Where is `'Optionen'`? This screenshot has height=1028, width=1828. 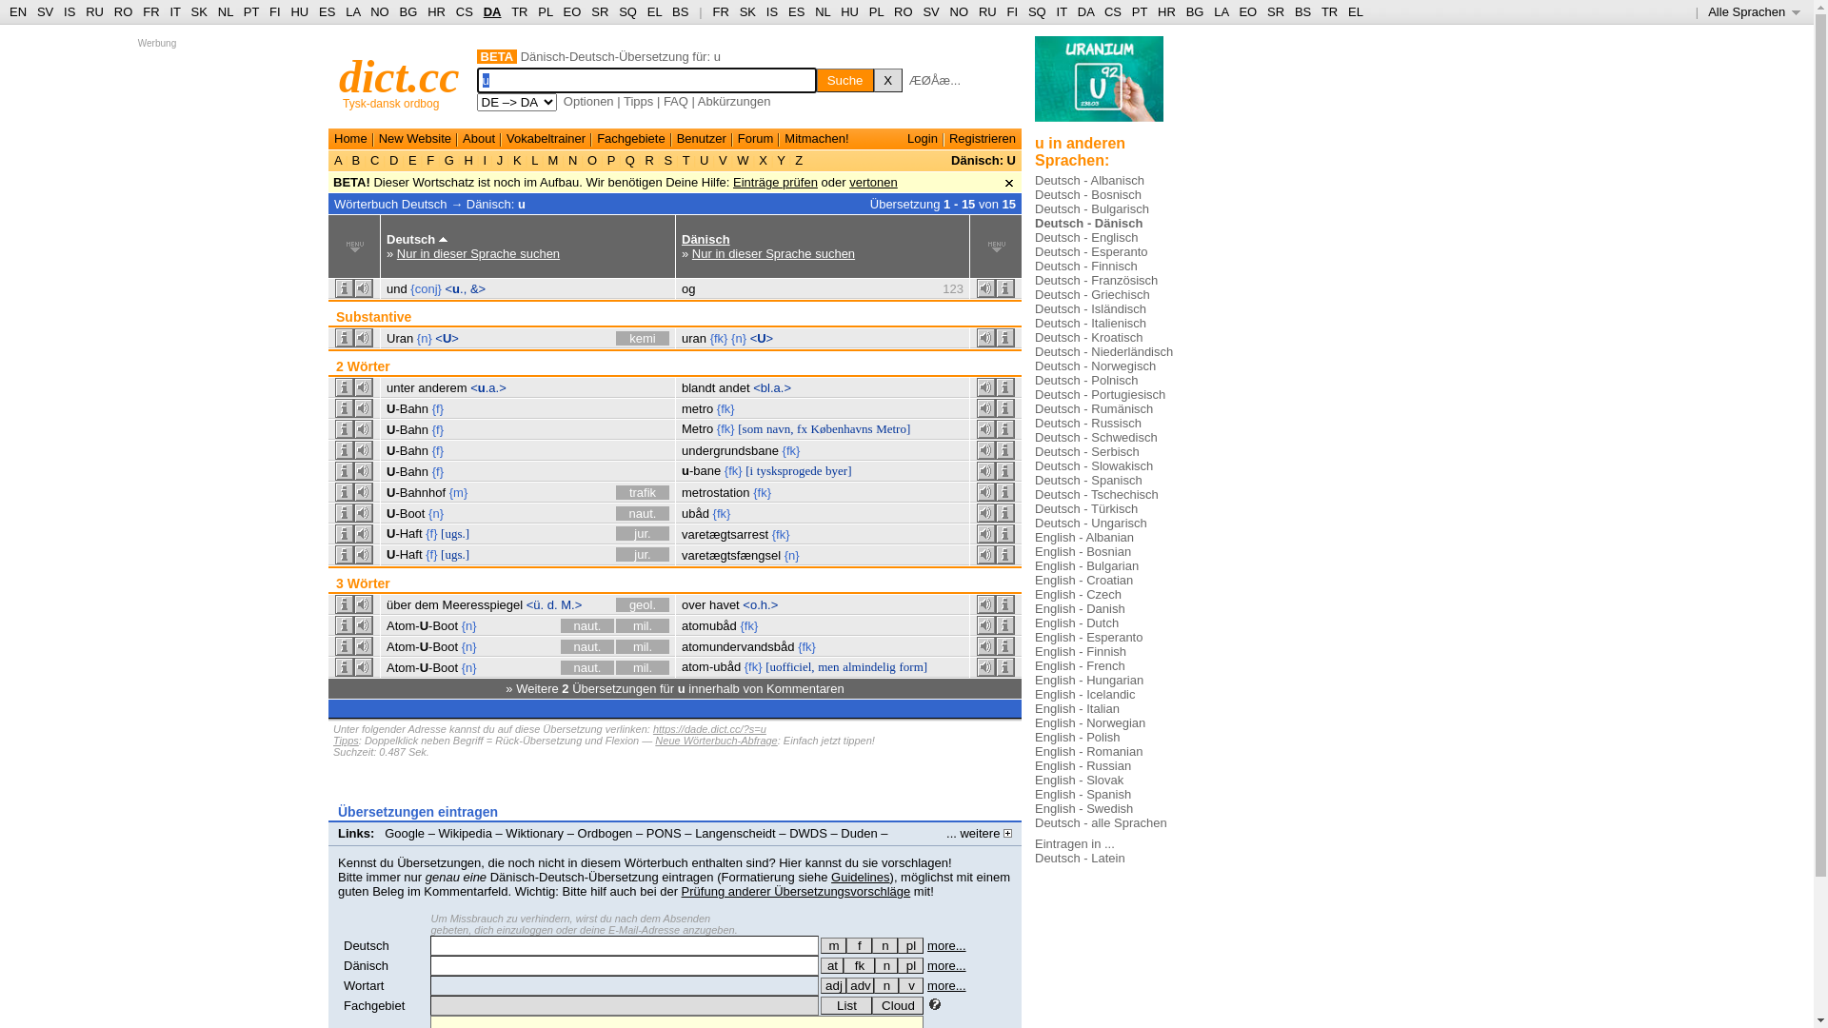
'Optionen' is located at coordinates (587, 101).